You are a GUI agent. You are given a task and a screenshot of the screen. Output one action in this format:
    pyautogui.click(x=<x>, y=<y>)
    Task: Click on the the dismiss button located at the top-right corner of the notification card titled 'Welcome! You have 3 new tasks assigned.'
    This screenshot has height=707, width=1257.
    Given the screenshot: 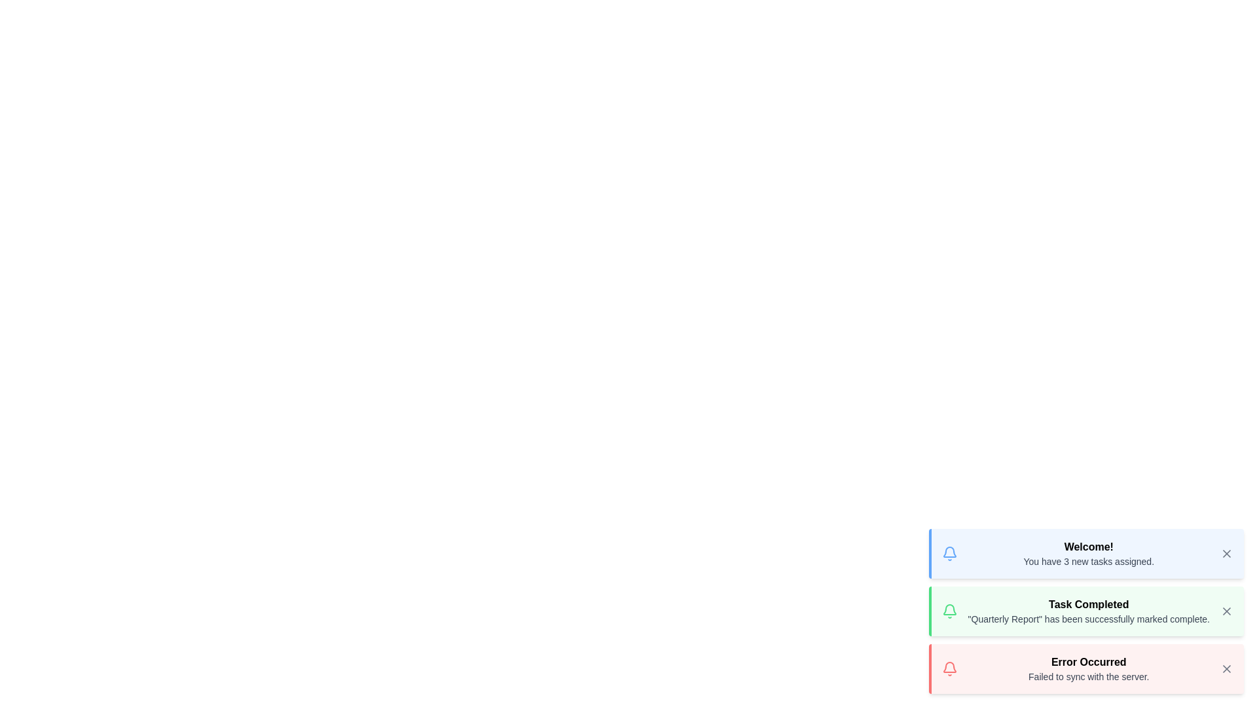 What is the action you would take?
    pyautogui.click(x=1226, y=553)
    